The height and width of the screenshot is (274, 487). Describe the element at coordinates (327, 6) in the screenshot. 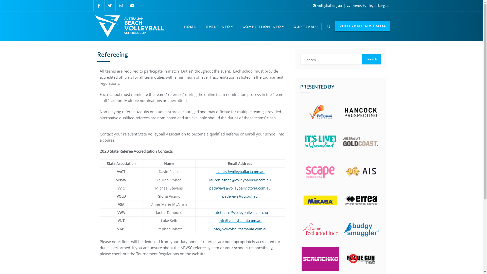

I see `'volleyball.org.au'` at that location.